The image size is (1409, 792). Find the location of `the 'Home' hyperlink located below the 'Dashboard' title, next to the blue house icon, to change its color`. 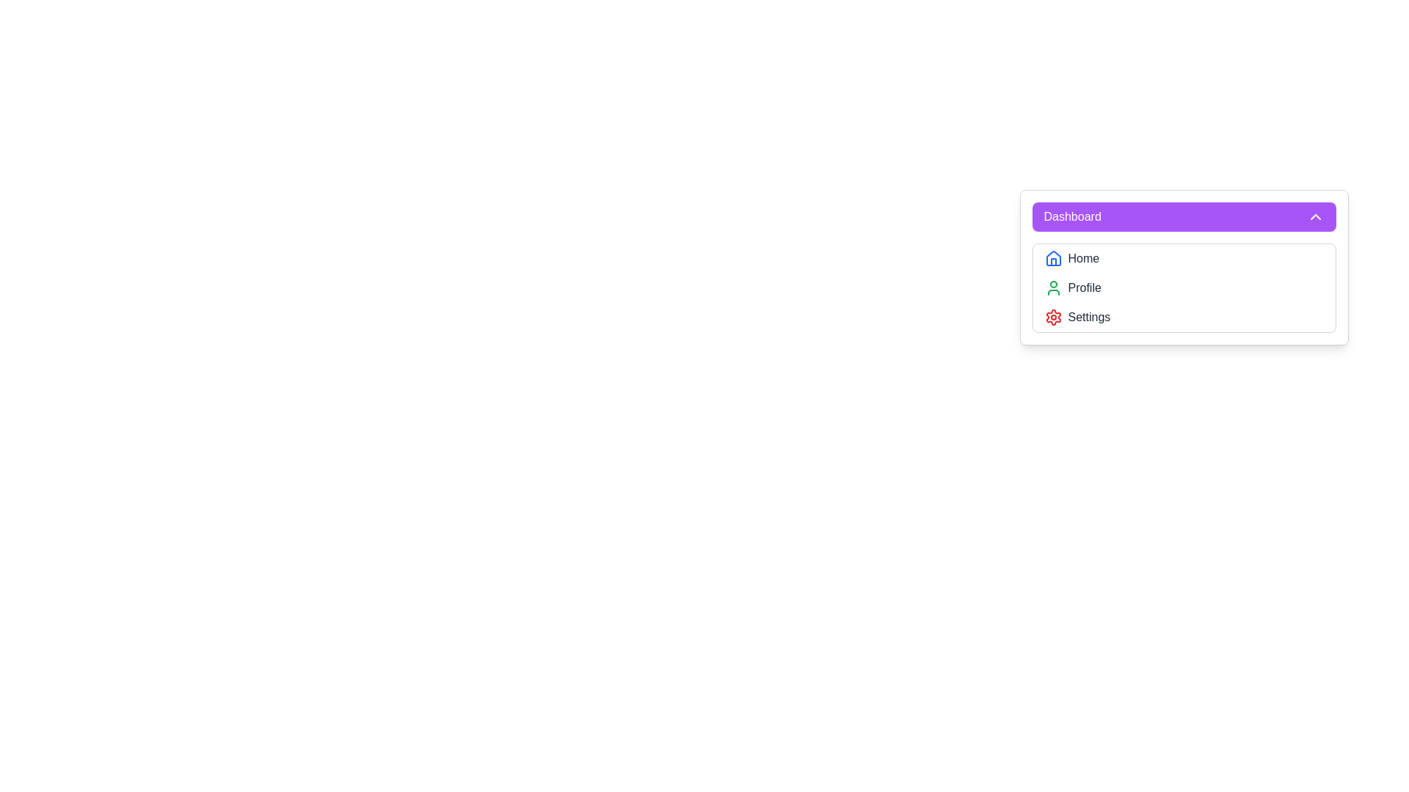

the 'Home' hyperlink located below the 'Dashboard' title, next to the blue house icon, to change its color is located at coordinates (1083, 258).